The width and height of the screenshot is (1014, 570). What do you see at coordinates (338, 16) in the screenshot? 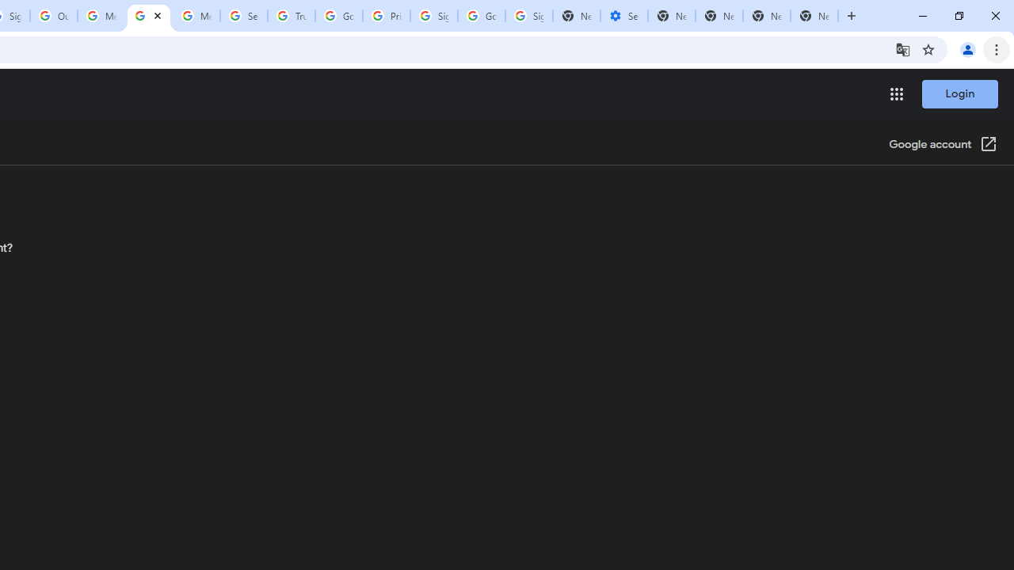
I see `'Google Ads - Sign in'` at bounding box center [338, 16].